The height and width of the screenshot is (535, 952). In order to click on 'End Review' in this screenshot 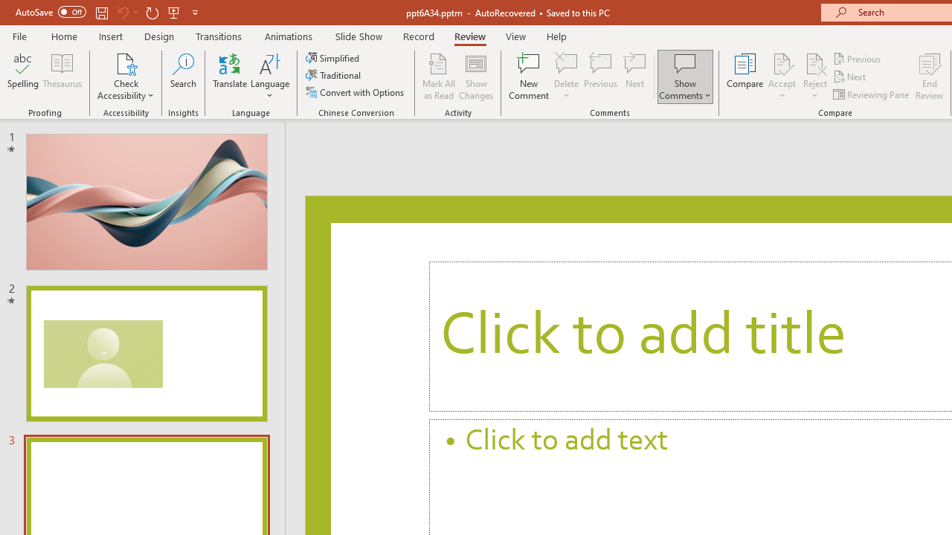, I will do `click(928, 77)`.